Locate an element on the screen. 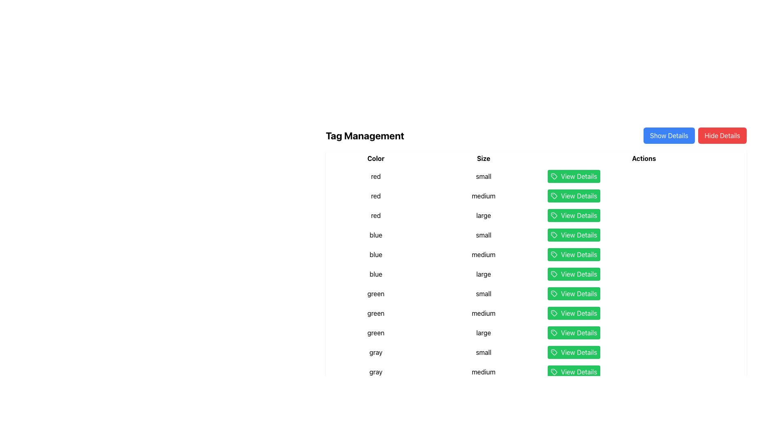 This screenshot has width=783, height=440. the text label displaying the word 'green' located in the 'Color' column of the table, specifically in the 7th row, where the corresponding 'Size' column entry is 'medium' is located at coordinates (375, 312).